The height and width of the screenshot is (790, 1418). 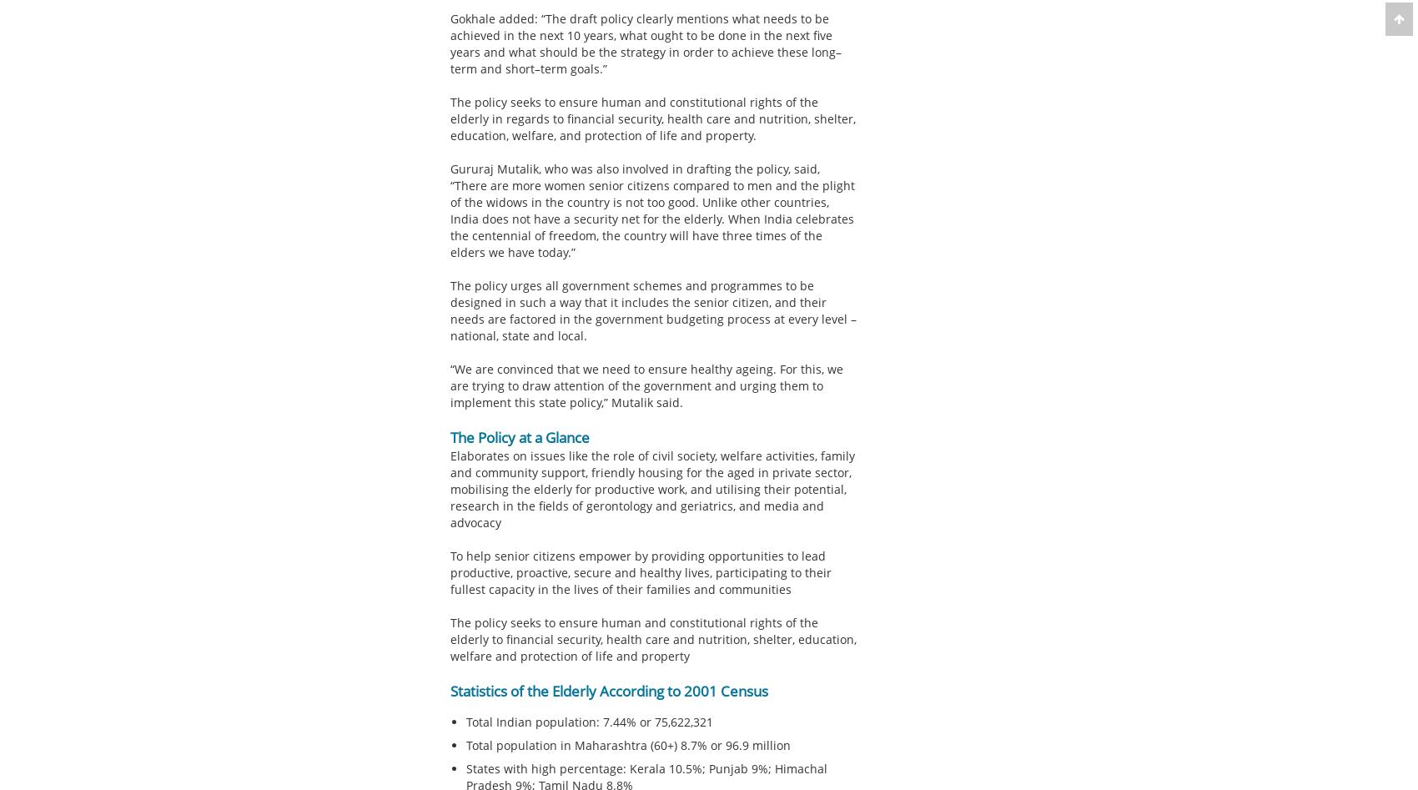 I want to click on 'Gokhale added: “The draft policy clearly mentions what needs to be achieved in the next 10 years, what ought to be done in the next five years and what should be the strategy in order to achieve these long–term and short–term goals.”', so click(x=449, y=43).